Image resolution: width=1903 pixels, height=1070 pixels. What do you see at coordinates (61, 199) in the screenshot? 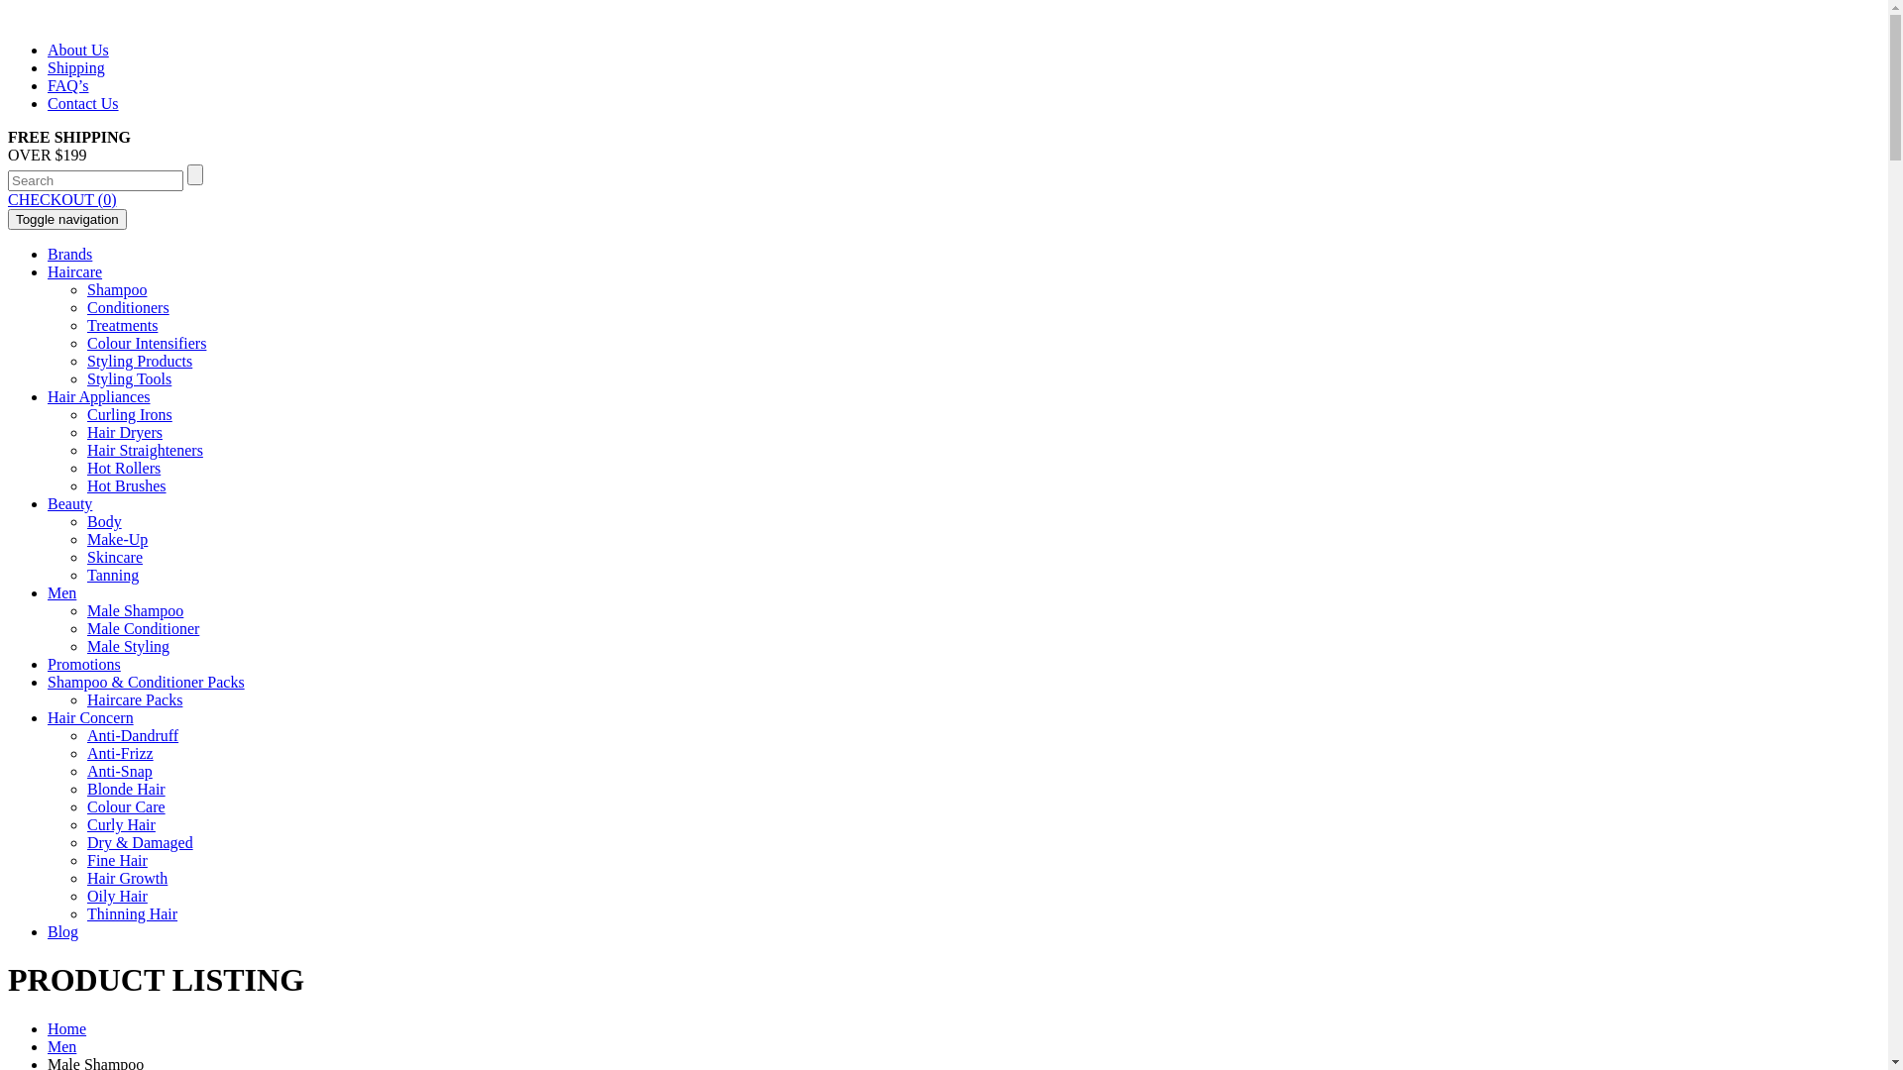
I see `'CHECKOUT (0)'` at bounding box center [61, 199].